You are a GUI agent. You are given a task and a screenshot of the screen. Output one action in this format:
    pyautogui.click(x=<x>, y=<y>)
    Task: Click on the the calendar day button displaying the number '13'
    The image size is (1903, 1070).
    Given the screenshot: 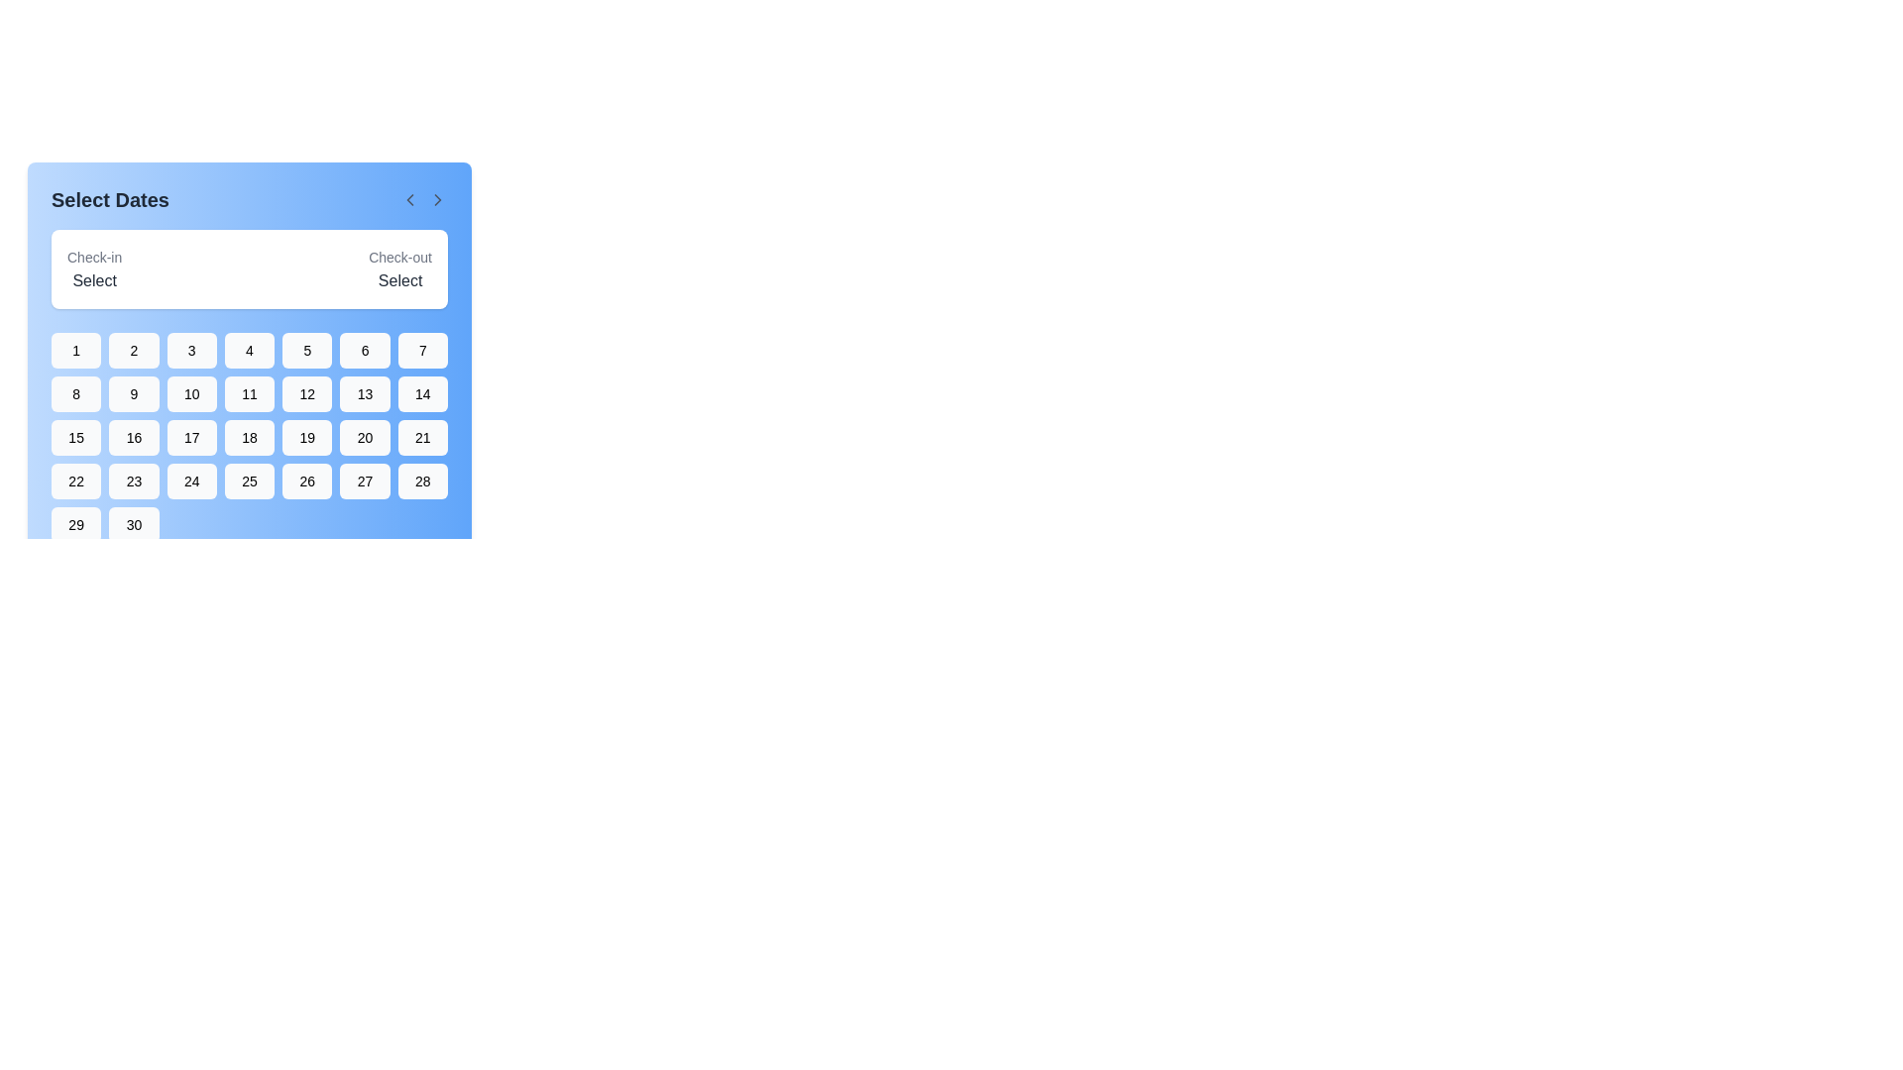 What is the action you would take?
    pyautogui.click(x=365, y=393)
    